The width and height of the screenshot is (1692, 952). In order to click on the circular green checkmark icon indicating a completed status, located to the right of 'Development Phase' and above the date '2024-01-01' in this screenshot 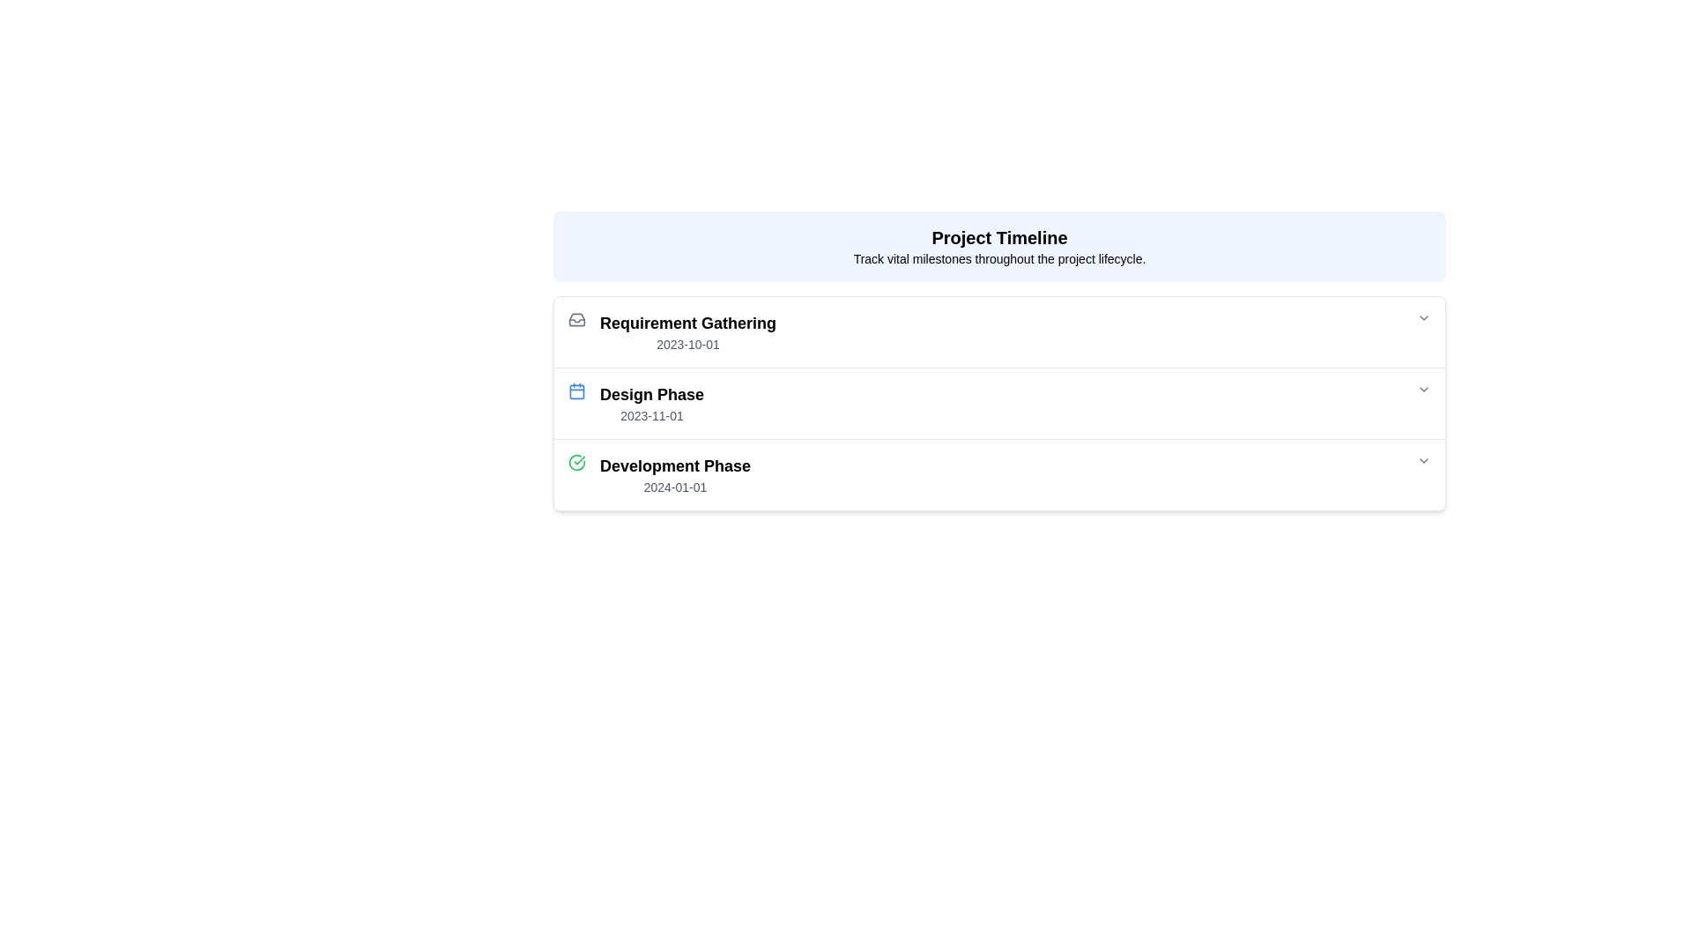, I will do `click(576, 461)`.